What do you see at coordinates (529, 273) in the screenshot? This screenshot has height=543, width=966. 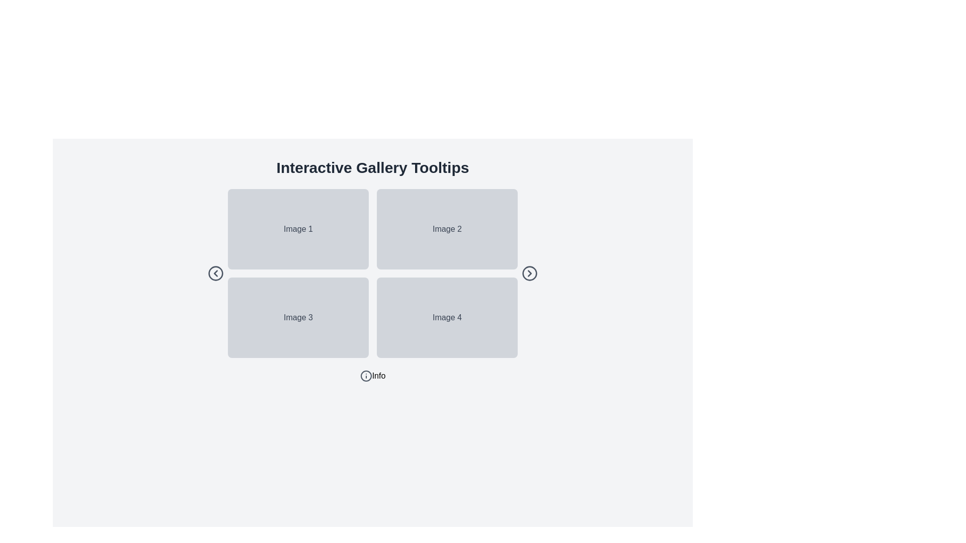 I see `the right-chevron button located on the right side of the interactive gallery interface` at bounding box center [529, 273].